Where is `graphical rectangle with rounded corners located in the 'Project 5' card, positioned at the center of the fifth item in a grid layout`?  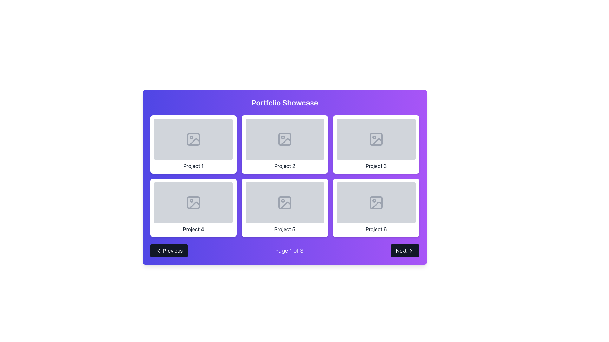 graphical rectangle with rounded corners located in the 'Project 5' card, positioned at the center of the fifth item in a grid layout is located at coordinates (284, 203).